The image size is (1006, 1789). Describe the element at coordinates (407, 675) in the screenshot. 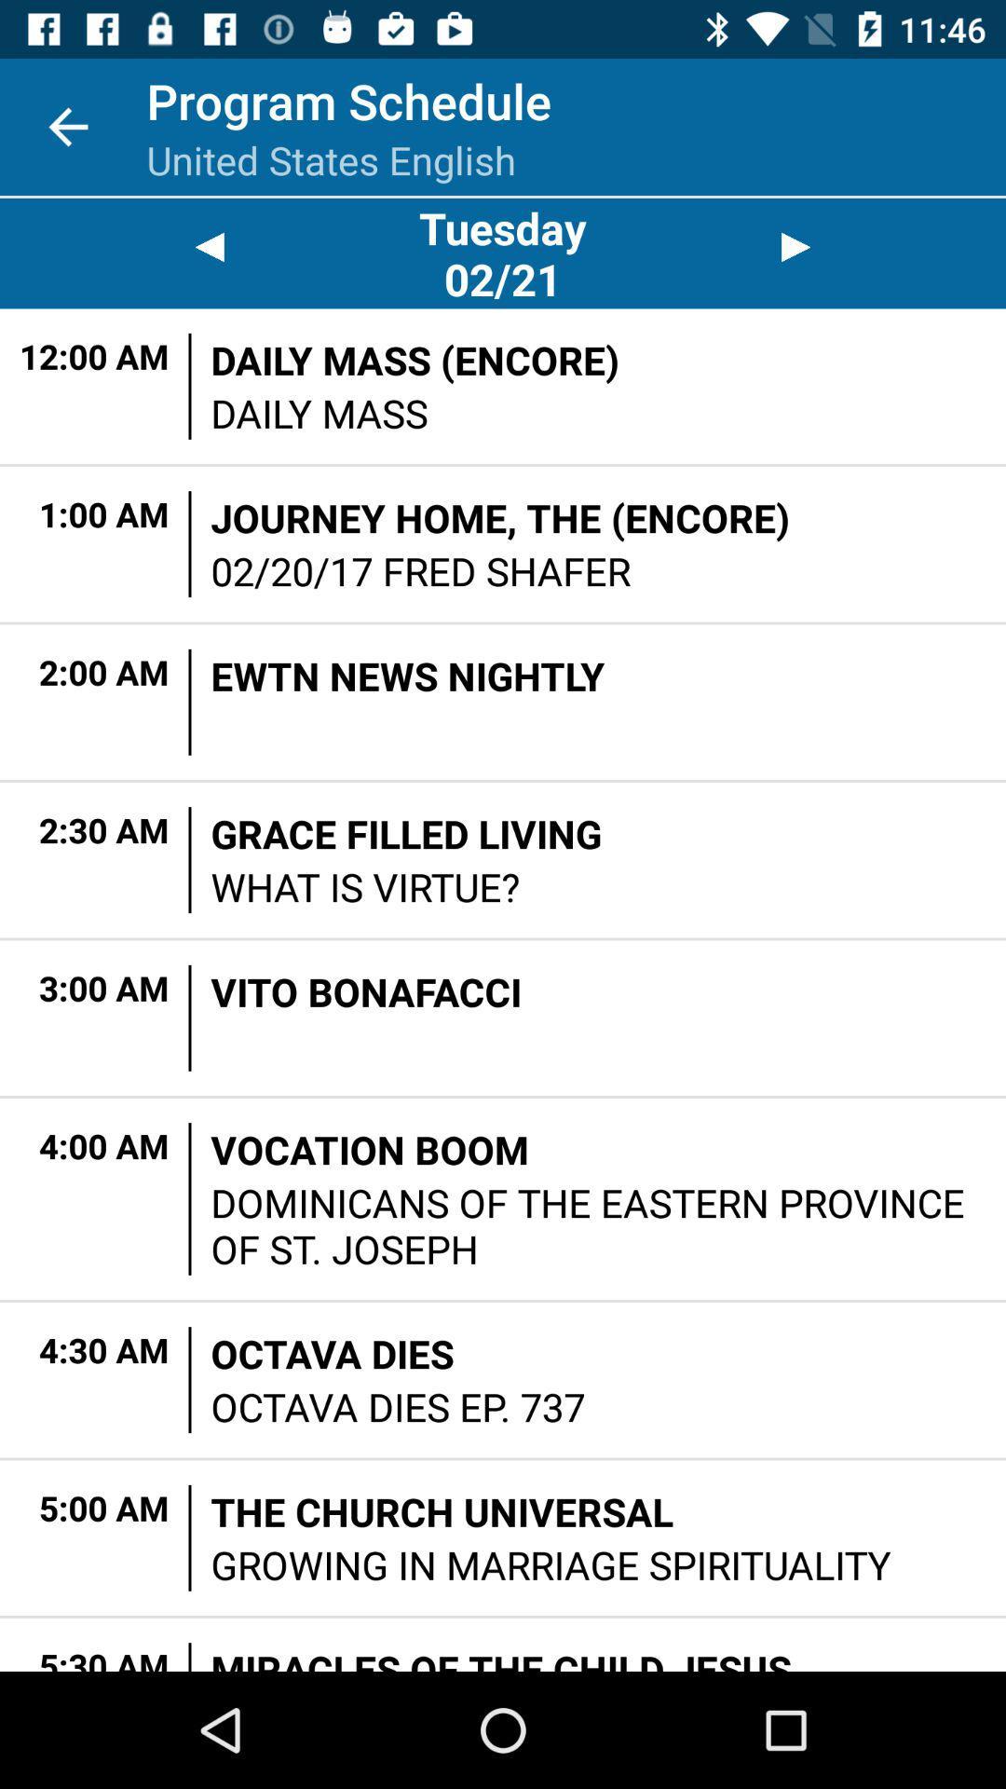

I see `ewtn news nightly item` at that location.